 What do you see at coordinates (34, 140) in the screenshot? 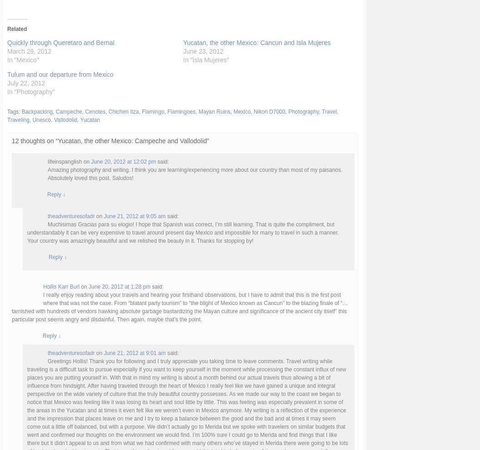
I see `'12 thoughts on “'` at bounding box center [34, 140].